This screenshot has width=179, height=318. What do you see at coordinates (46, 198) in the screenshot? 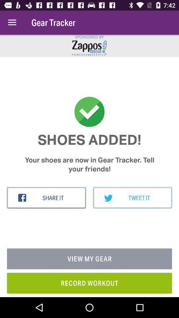
I see `the share it icon` at bounding box center [46, 198].